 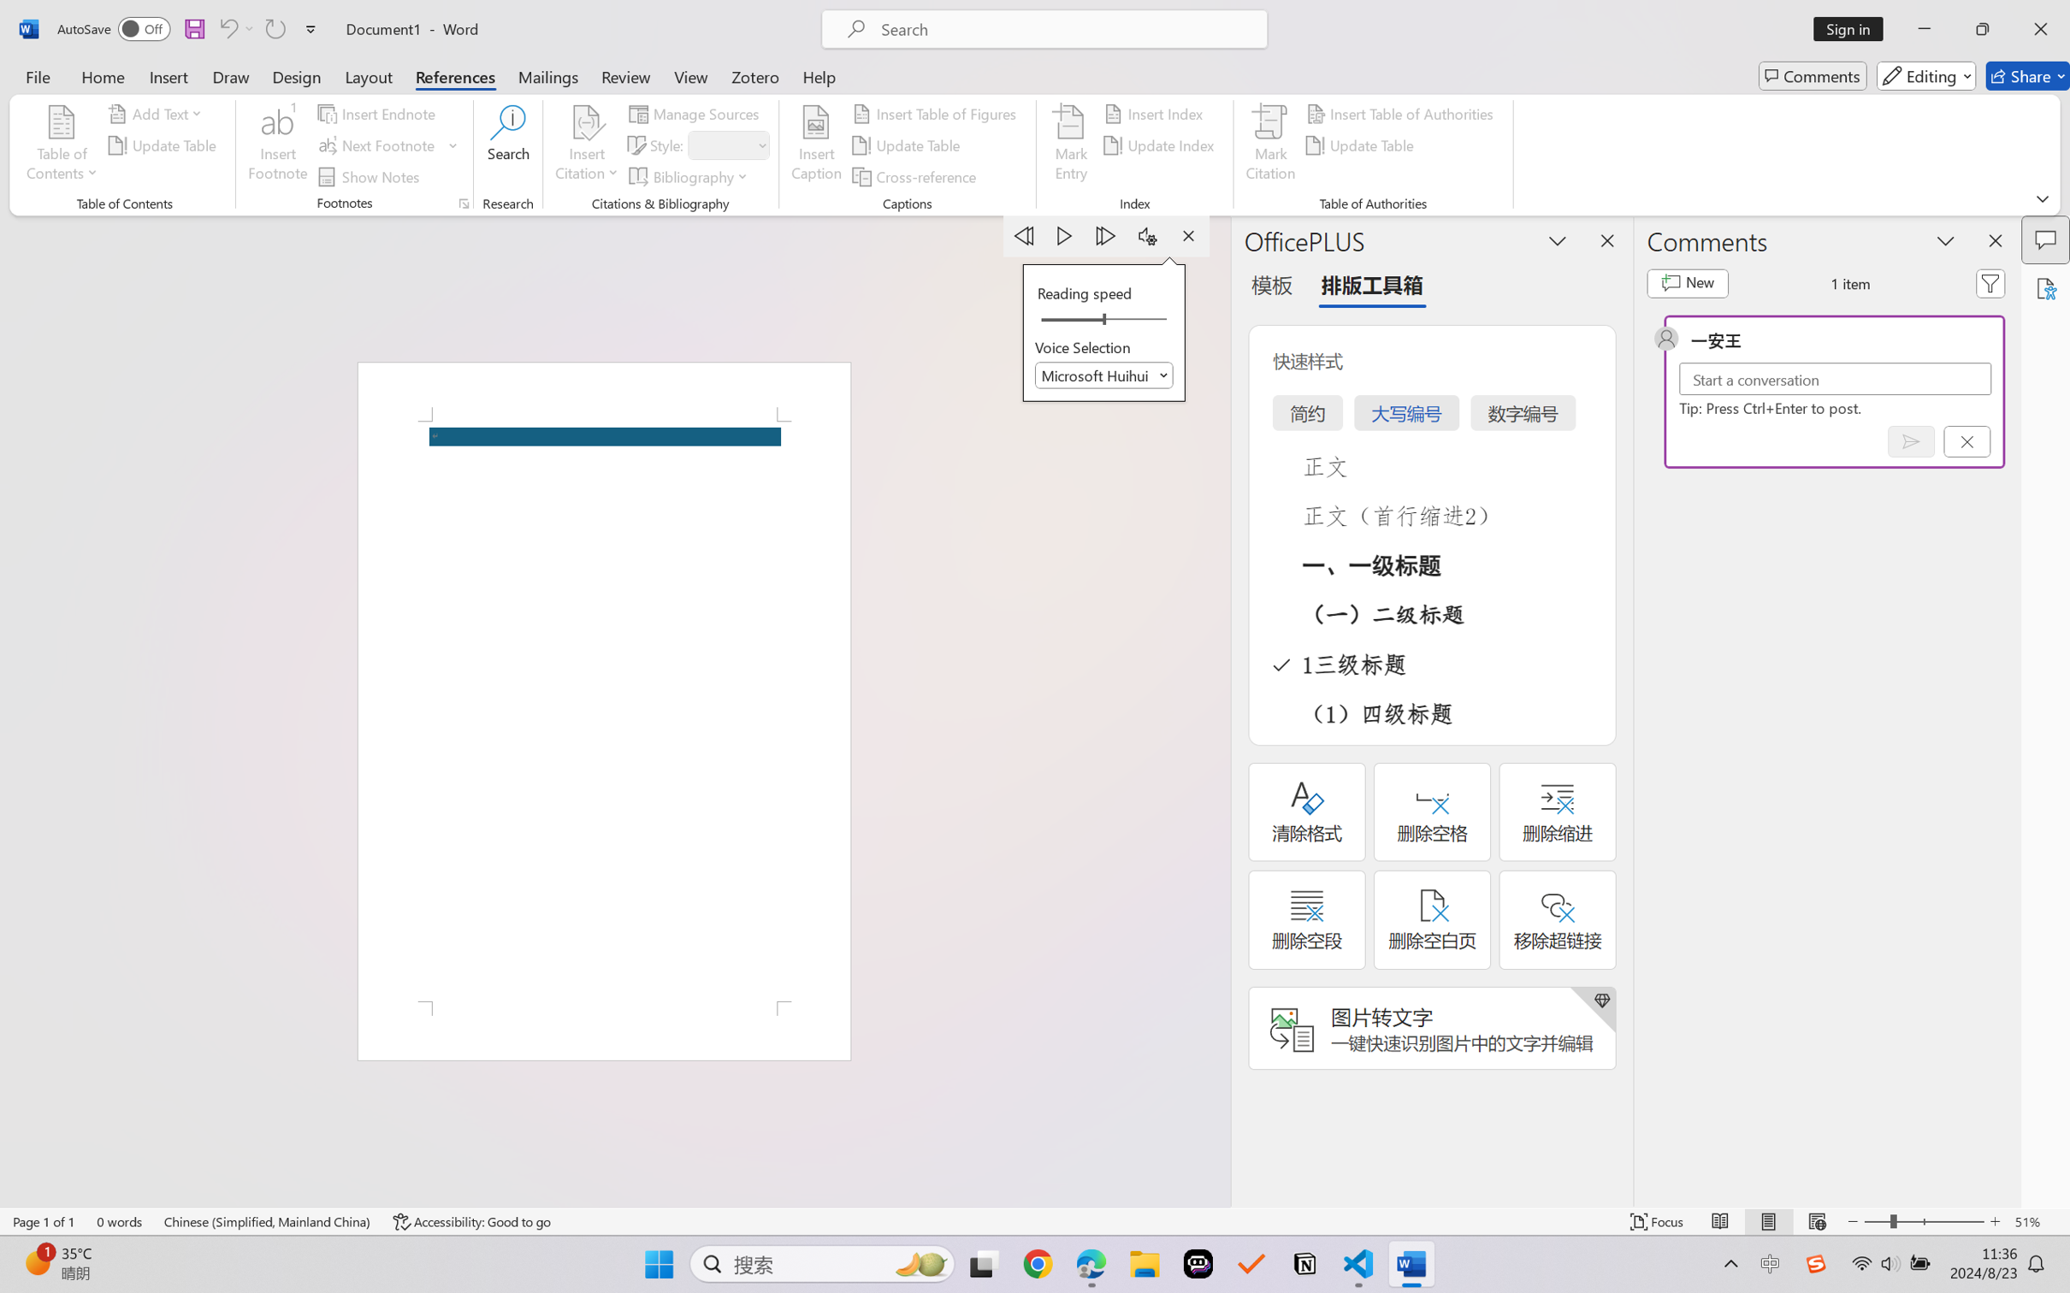 What do you see at coordinates (388, 145) in the screenshot?
I see `'Next Footnote'` at bounding box center [388, 145].